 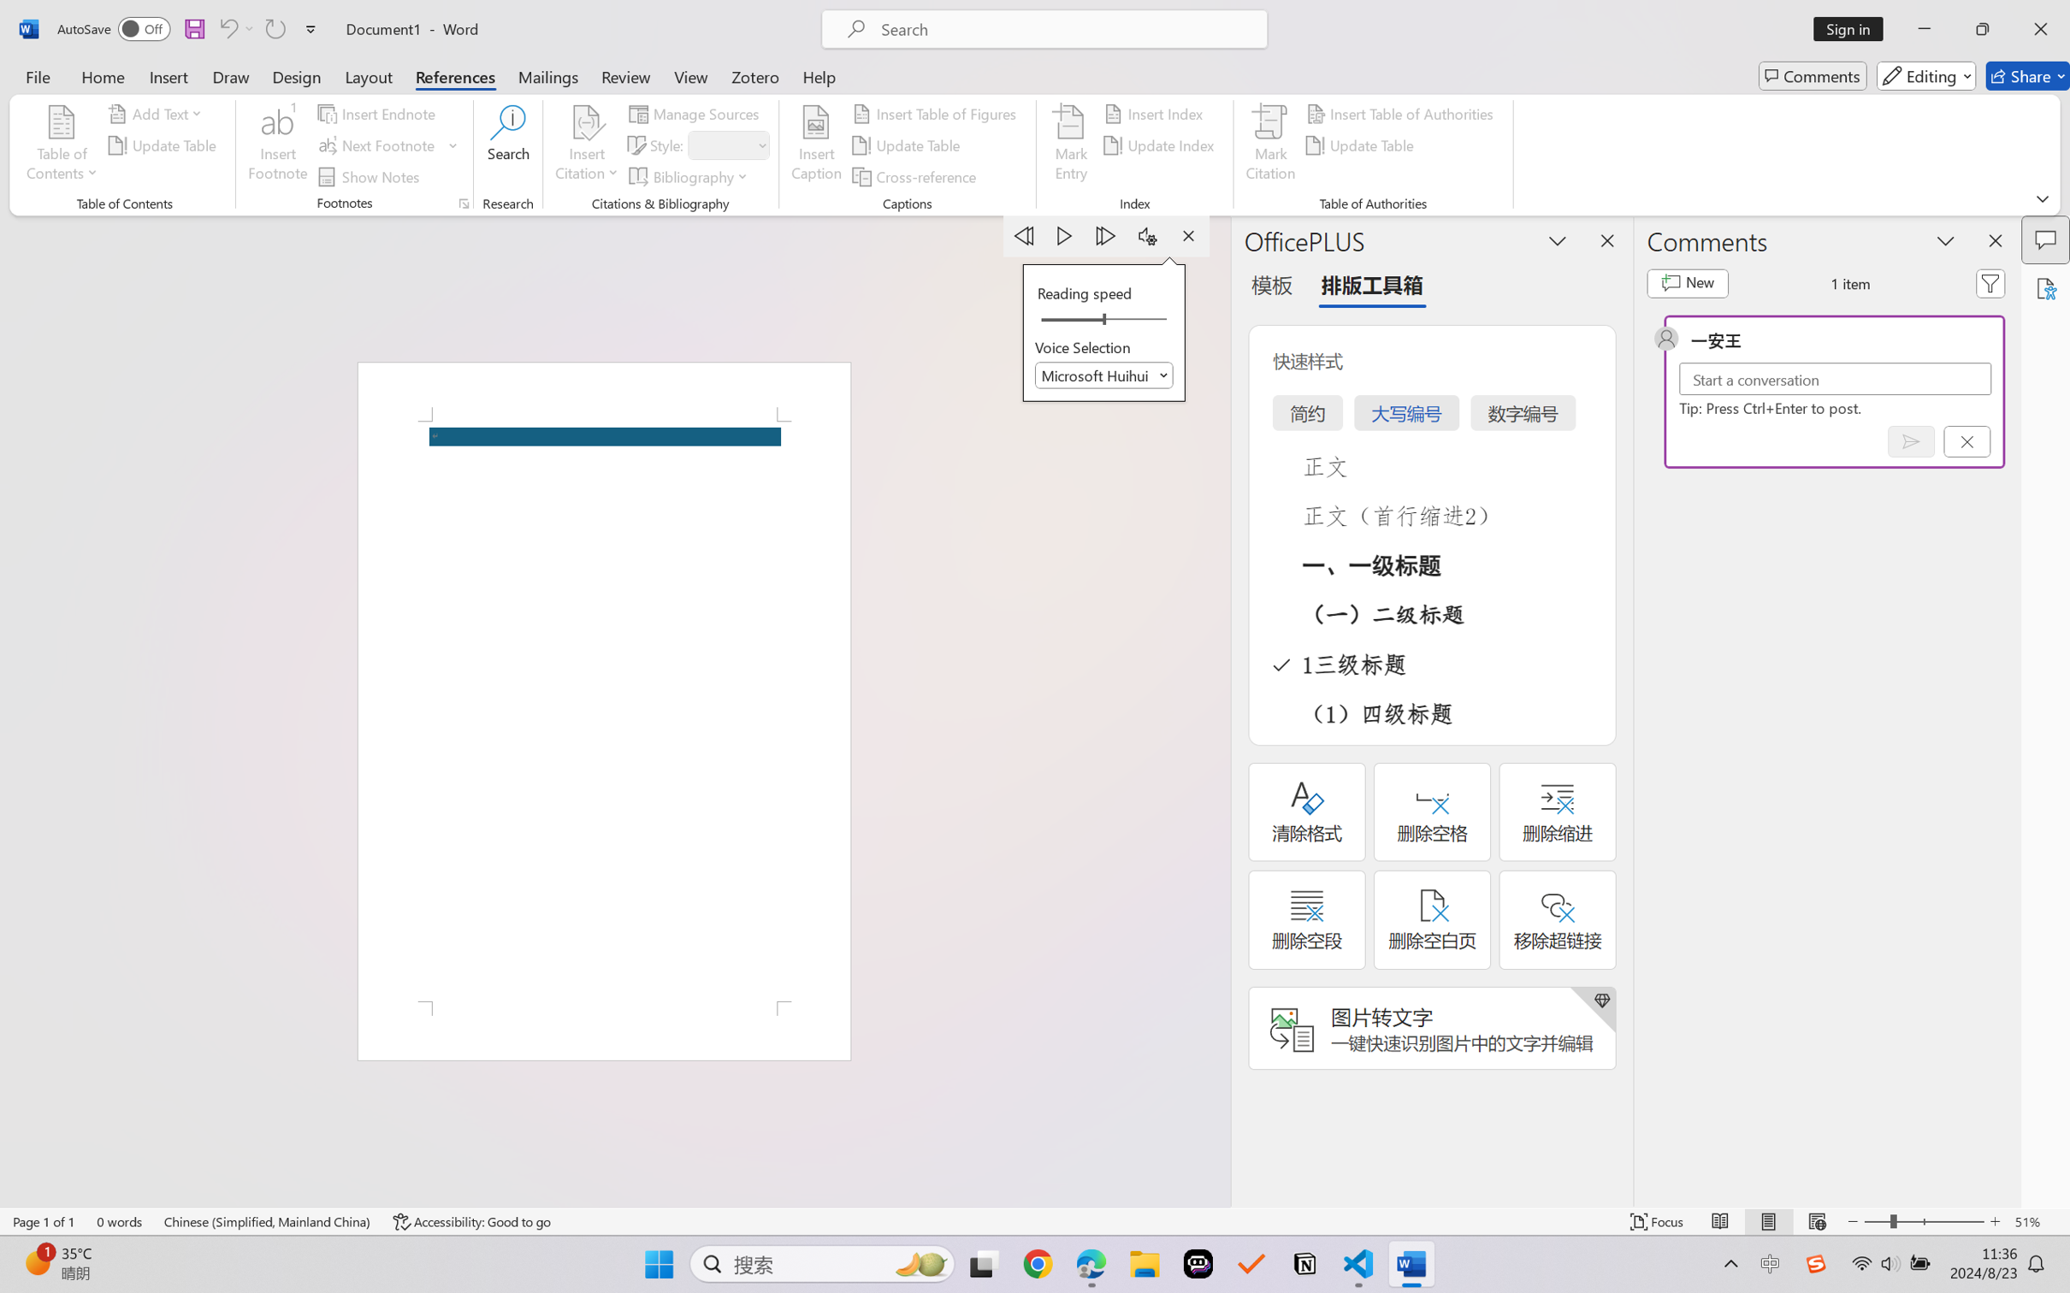 What do you see at coordinates (388, 145) in the screenshot?
I see `'Next Footnote'` at bounding box center [388, 145].